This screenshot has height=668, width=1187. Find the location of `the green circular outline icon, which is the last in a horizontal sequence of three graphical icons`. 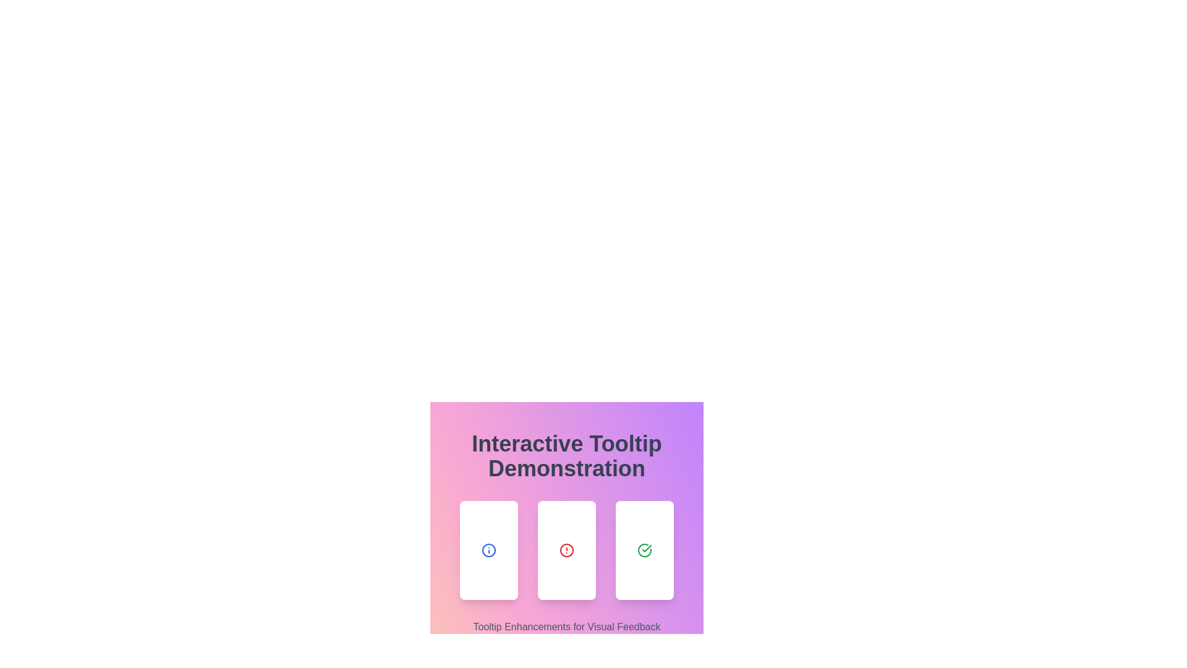

the green circular outline icon, which is the last in a horizontal sequence of three graphical icons is located at coordinates (644, 550).